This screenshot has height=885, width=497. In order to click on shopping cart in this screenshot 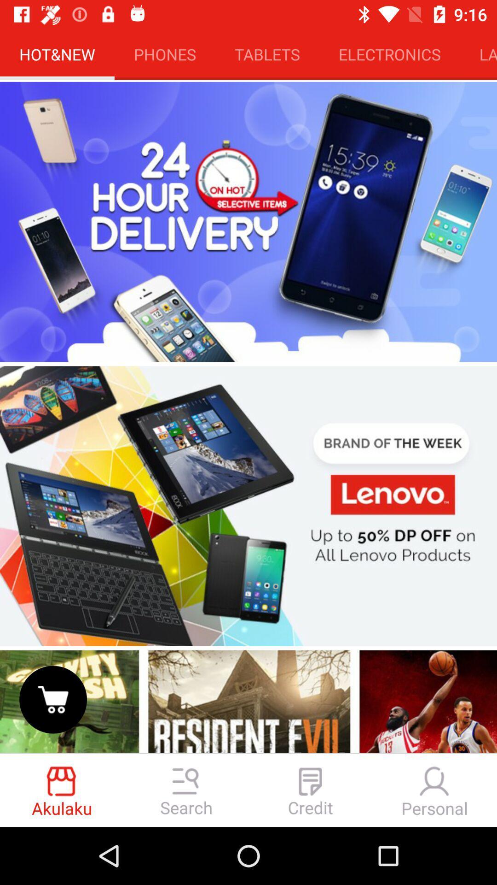, I will do `click(53, 699)`.